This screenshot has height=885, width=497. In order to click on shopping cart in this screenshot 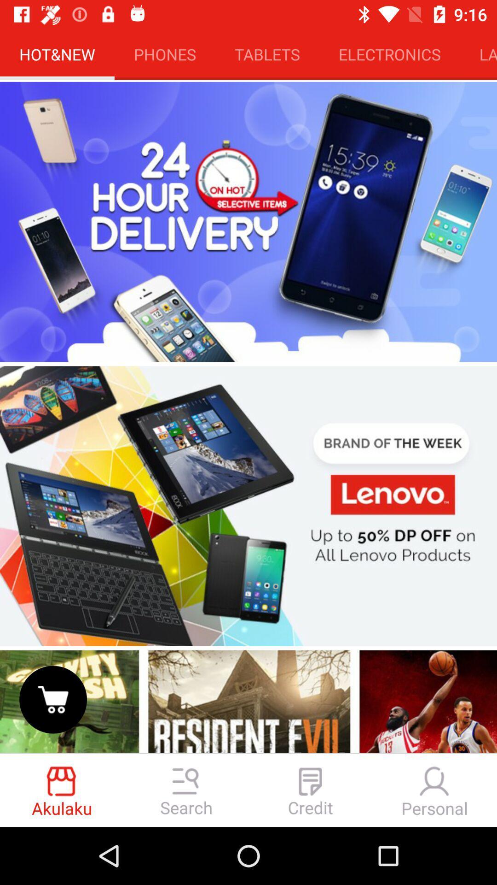, I will do `click(53, 699)`.